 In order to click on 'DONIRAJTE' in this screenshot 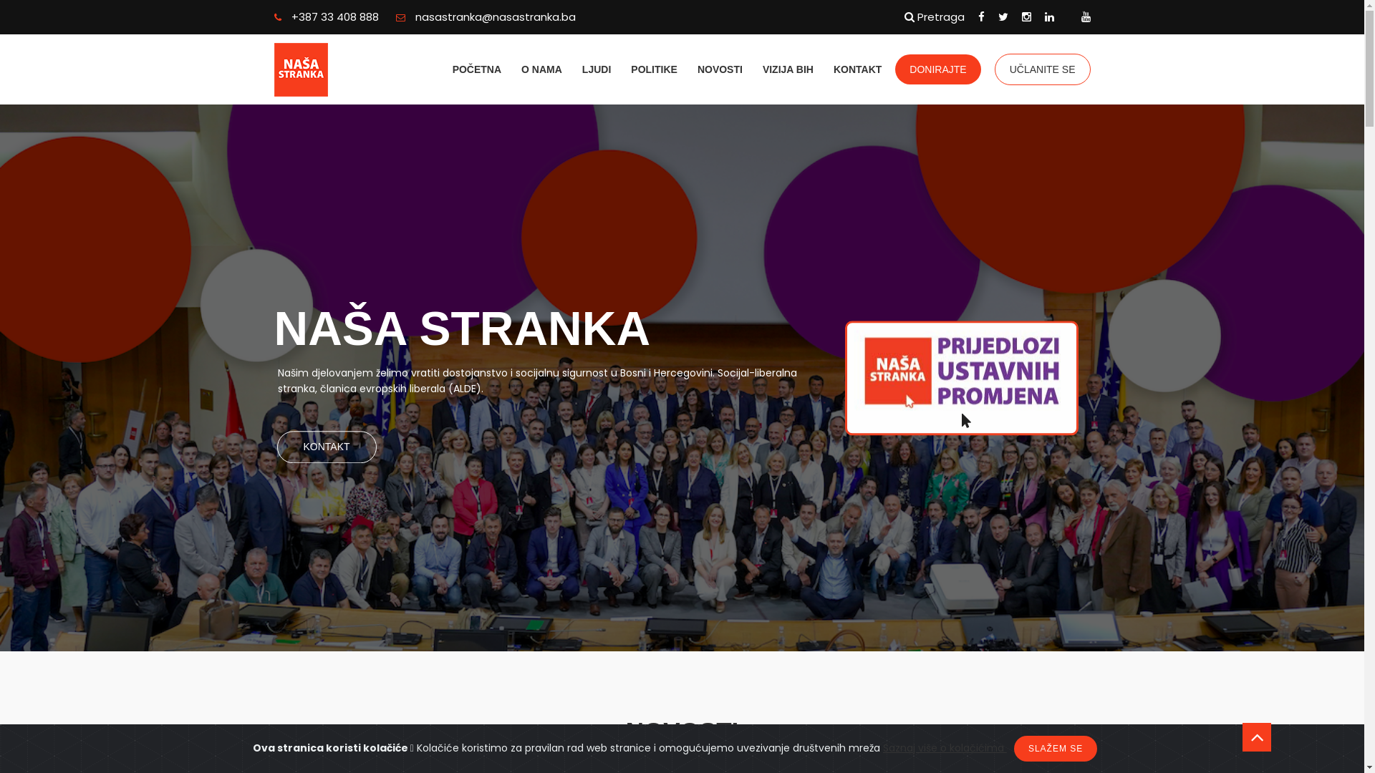, I will do `click(937, 69)`.